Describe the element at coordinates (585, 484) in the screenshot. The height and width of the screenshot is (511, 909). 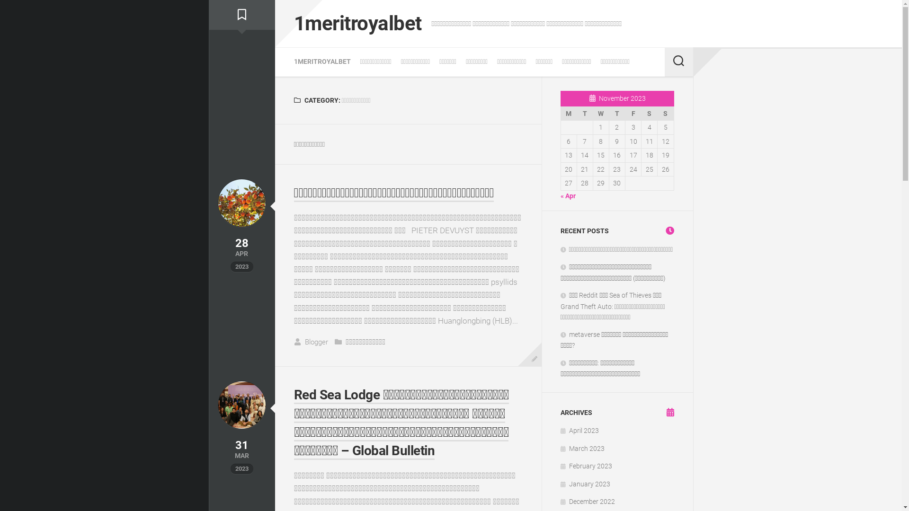
I see `'January 2023'` at that location.